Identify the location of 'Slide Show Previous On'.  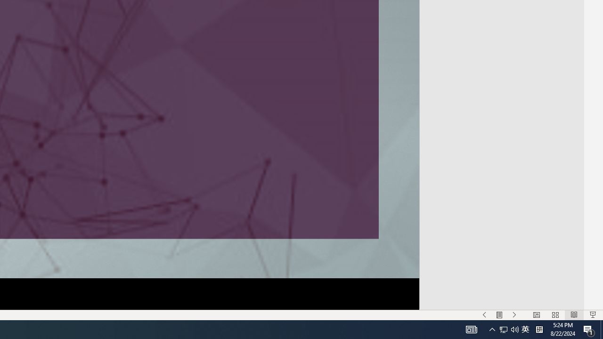
(484, 315).